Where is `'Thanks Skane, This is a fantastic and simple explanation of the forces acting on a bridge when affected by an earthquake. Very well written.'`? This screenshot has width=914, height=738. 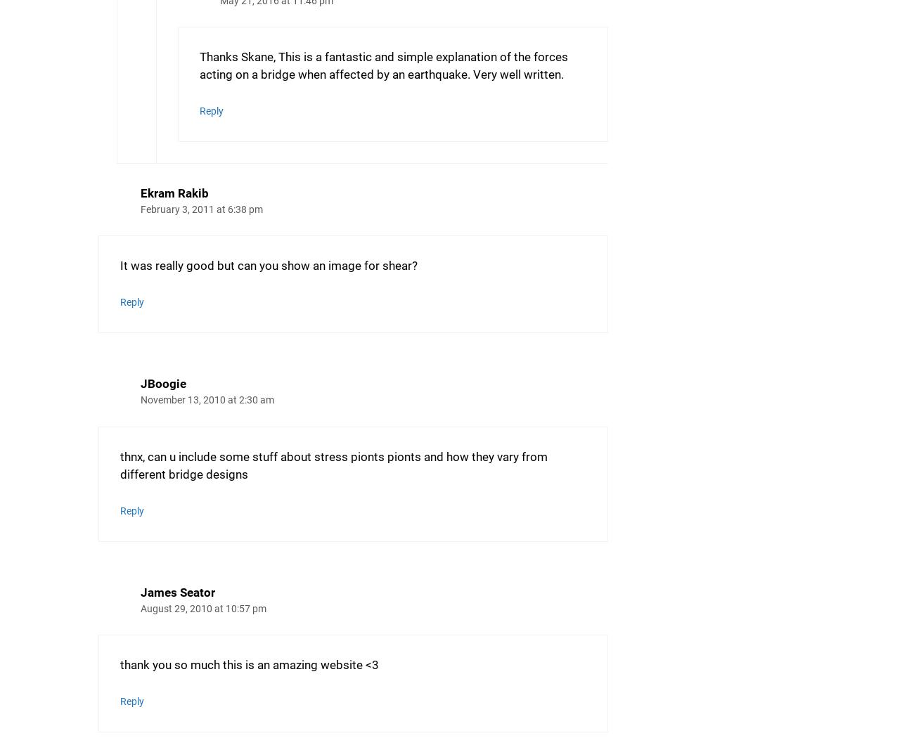
'Thanks Skane, This is a fantastic and simple explanation of the forces acting on a bridge when affected by an earthquake. Very well written.' is located at coordinates (383, 65).